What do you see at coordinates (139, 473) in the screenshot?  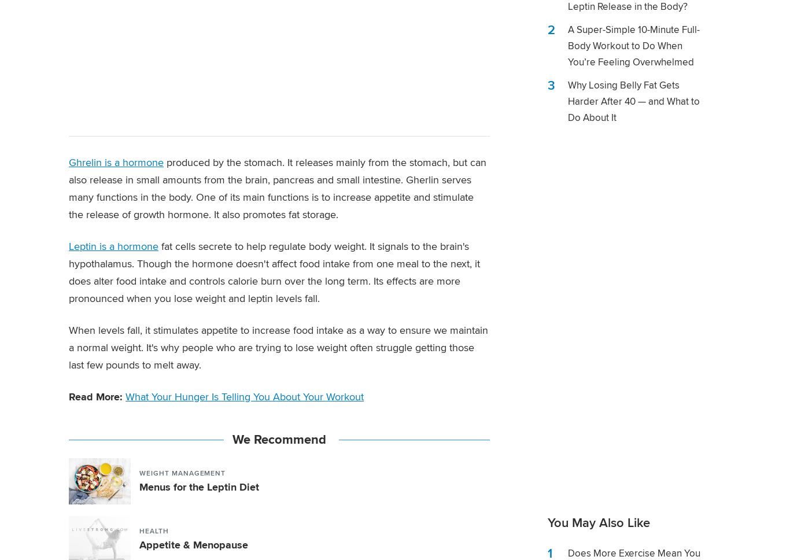 I see `'Weight Management'` at bounding box center [139, 473].